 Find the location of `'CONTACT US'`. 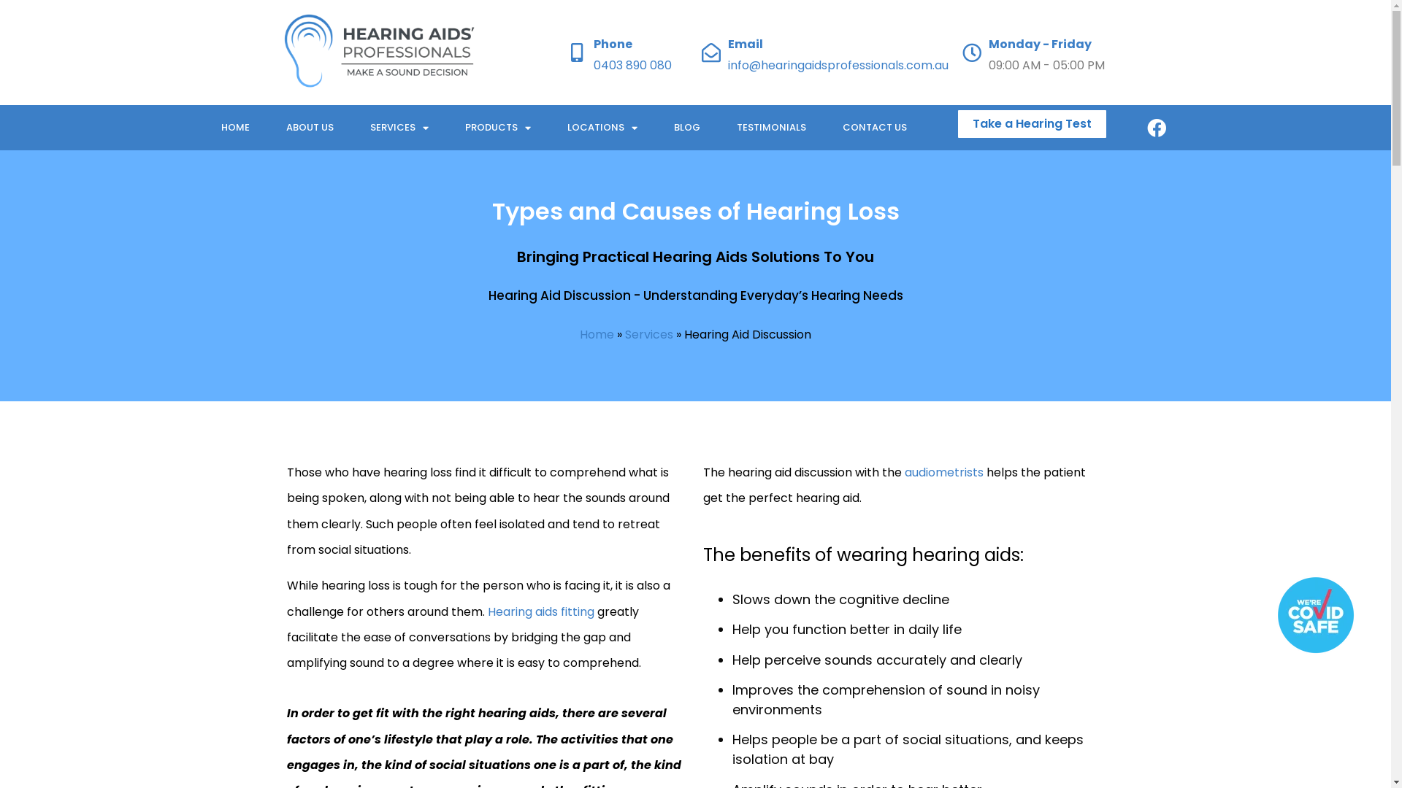

'CONTACT US' is located at coordinates (873, 126).